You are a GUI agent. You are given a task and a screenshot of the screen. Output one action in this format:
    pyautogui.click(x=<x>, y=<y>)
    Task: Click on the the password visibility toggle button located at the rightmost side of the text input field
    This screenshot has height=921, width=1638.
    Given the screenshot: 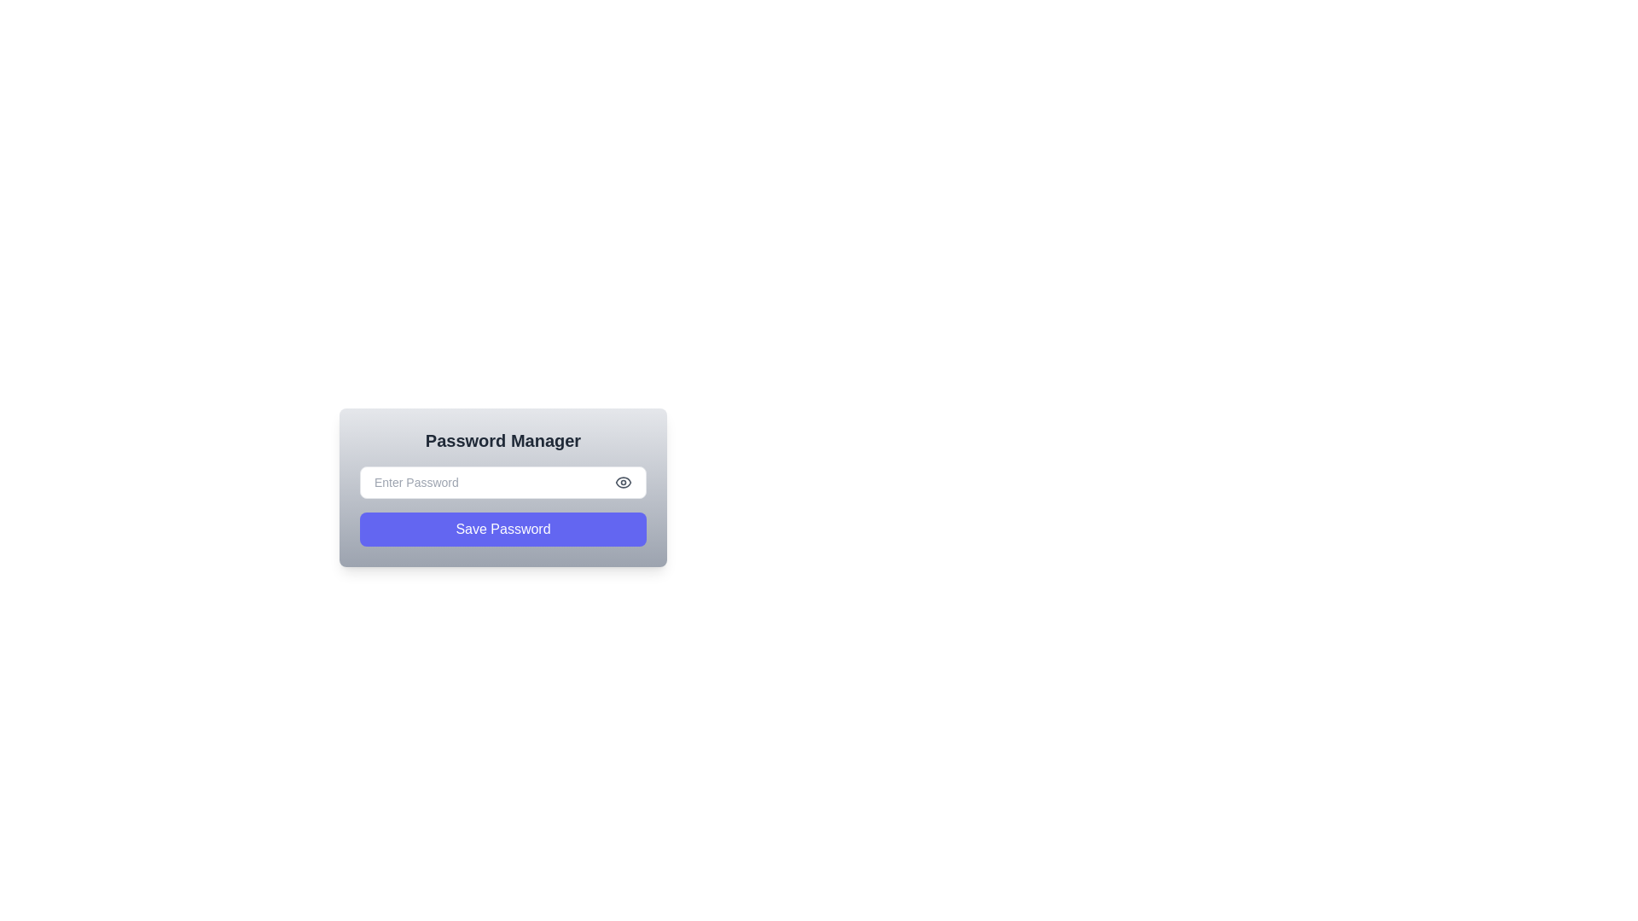 What is the action you would take?
    pyautogui.click(x=622, y=483)
    